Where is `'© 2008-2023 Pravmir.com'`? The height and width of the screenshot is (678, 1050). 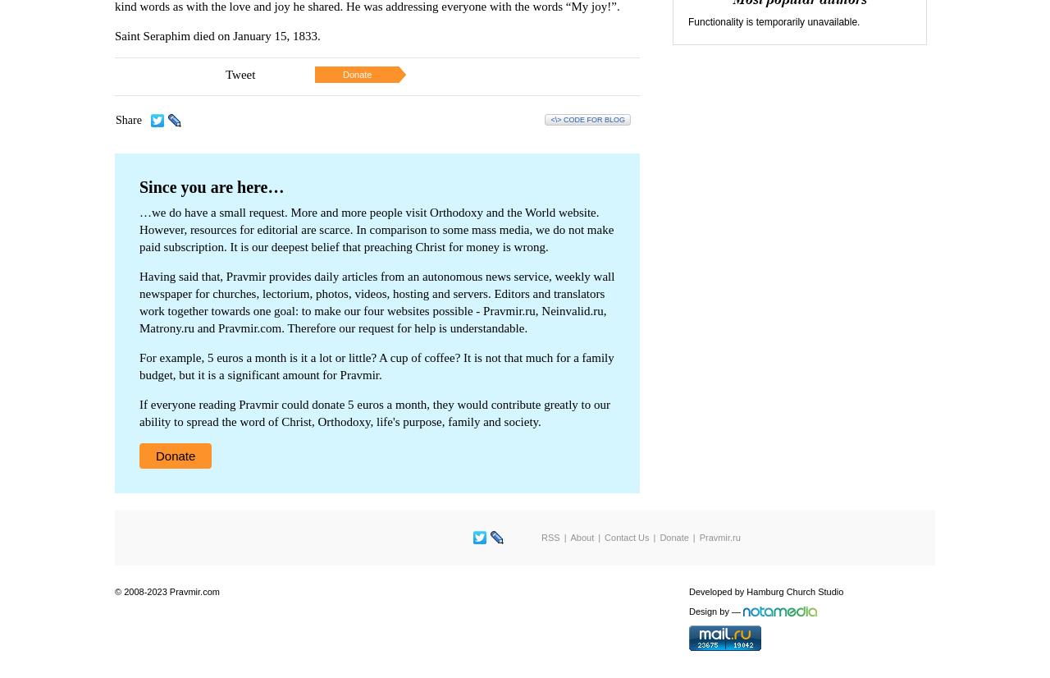
'© 2008-2023 Pravmir.com' is located at coordinates (167, 592).